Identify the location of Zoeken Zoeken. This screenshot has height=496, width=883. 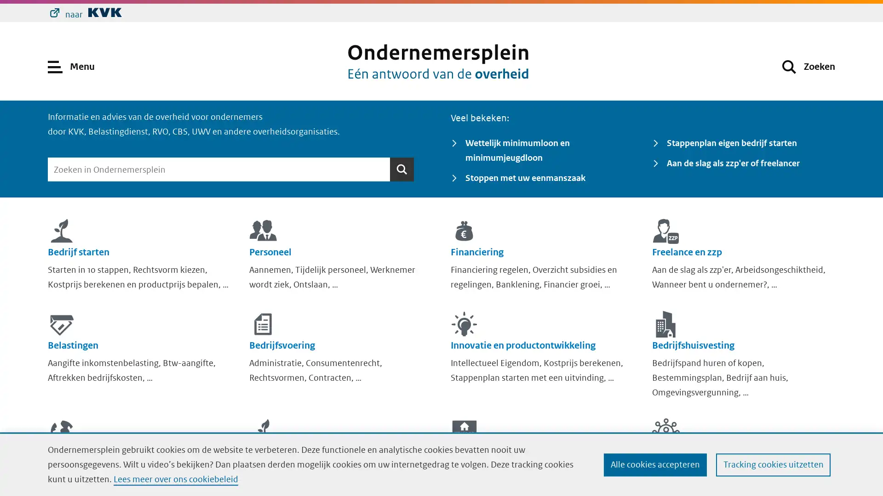
(401, 170).